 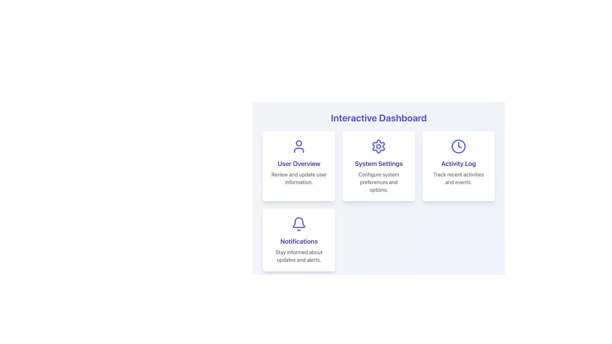 I want to click on the notifications icon located at the top-center of the 'Notifications' card, which symbolizes updates and alerts, so click(x=299, y=224).